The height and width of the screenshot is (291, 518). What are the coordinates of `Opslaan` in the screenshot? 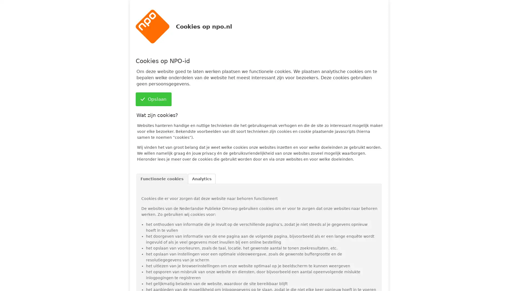 It's located at (153, 99).